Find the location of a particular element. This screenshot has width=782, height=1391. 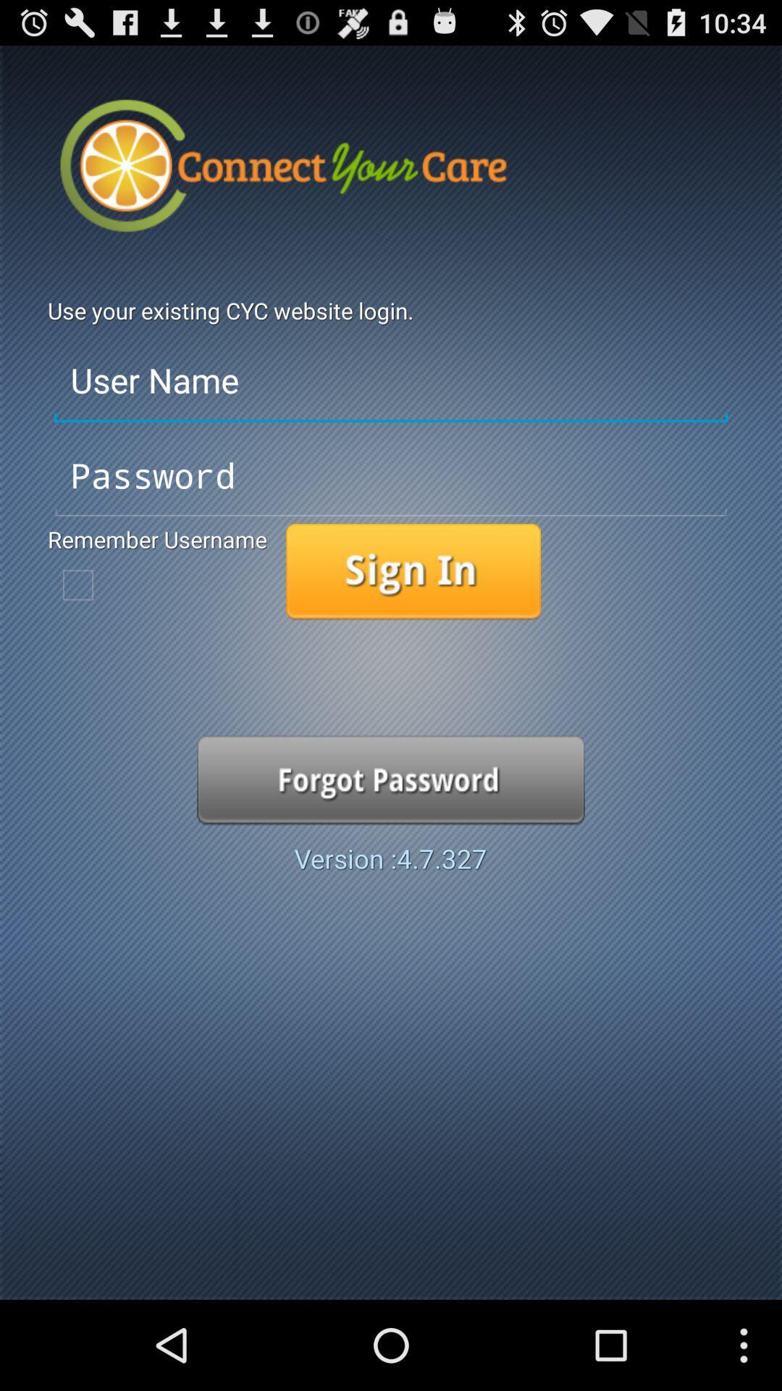

into the page is located at coordinates (413, 571).